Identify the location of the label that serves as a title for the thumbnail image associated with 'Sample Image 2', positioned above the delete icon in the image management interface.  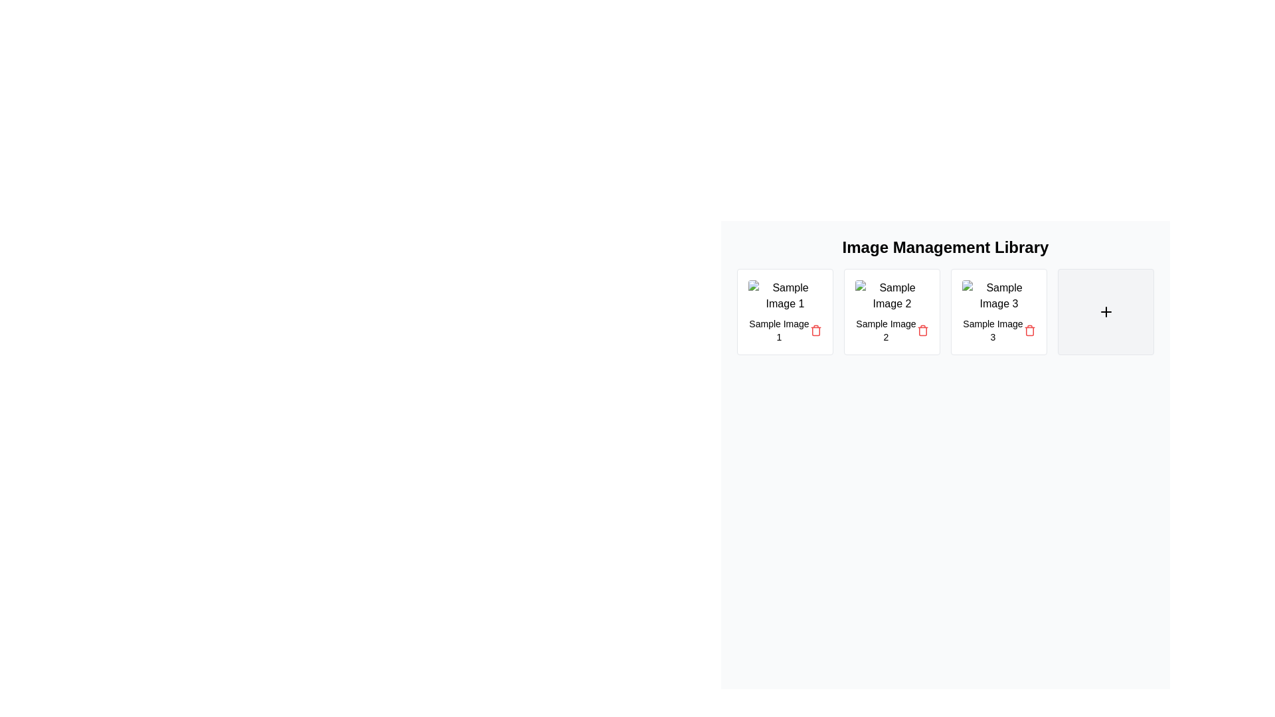
(886, 329).